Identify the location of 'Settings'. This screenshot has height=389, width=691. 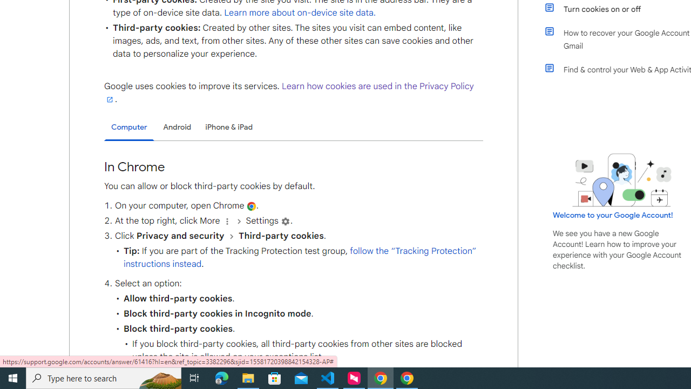
(286, 220).